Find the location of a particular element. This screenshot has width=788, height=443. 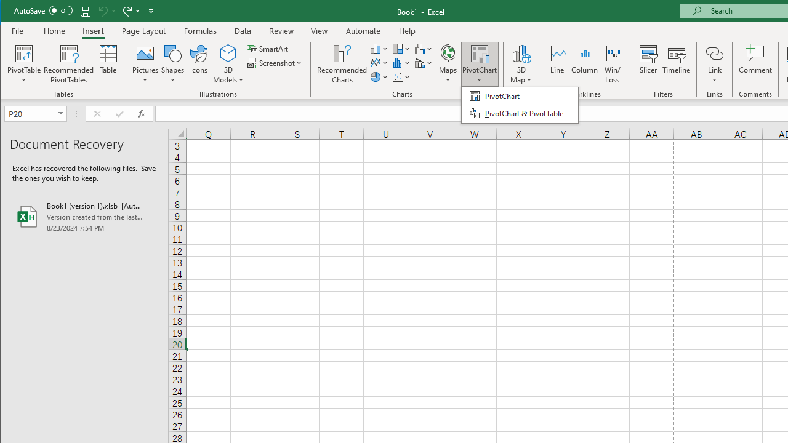

'Win/Loss' is located at coordinates (613, 64).